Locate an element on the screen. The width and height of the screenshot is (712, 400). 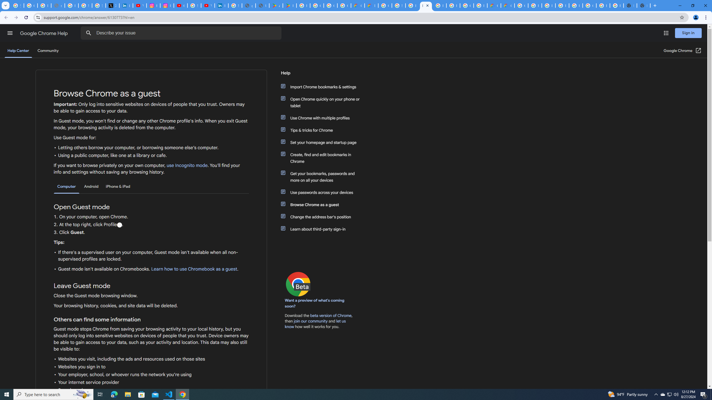
'Search Help Center' is located at coordinates (88, 33).